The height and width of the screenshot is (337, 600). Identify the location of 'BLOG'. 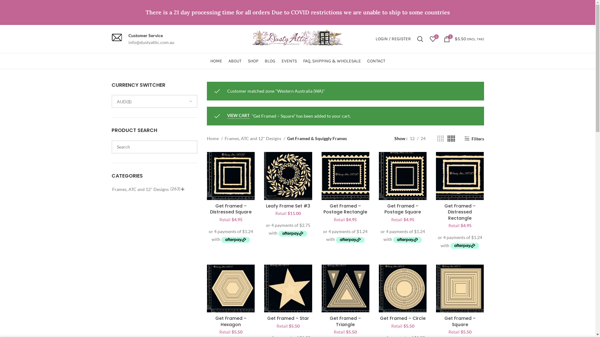
(270, 61).